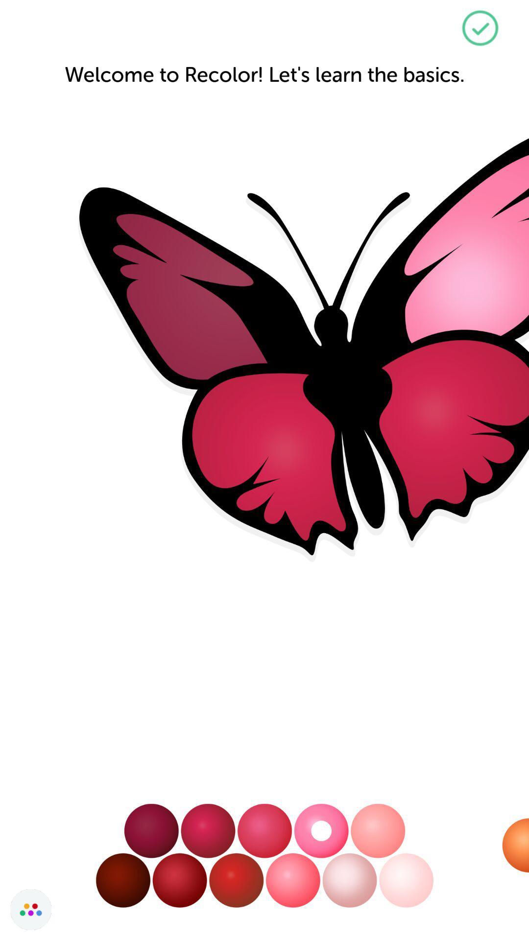 The height and width of the screenshot is (940, 529). What do you see at coordinates (480, 28) in the screenshot?
I see `accept changes` at bounding box center [480, 28].